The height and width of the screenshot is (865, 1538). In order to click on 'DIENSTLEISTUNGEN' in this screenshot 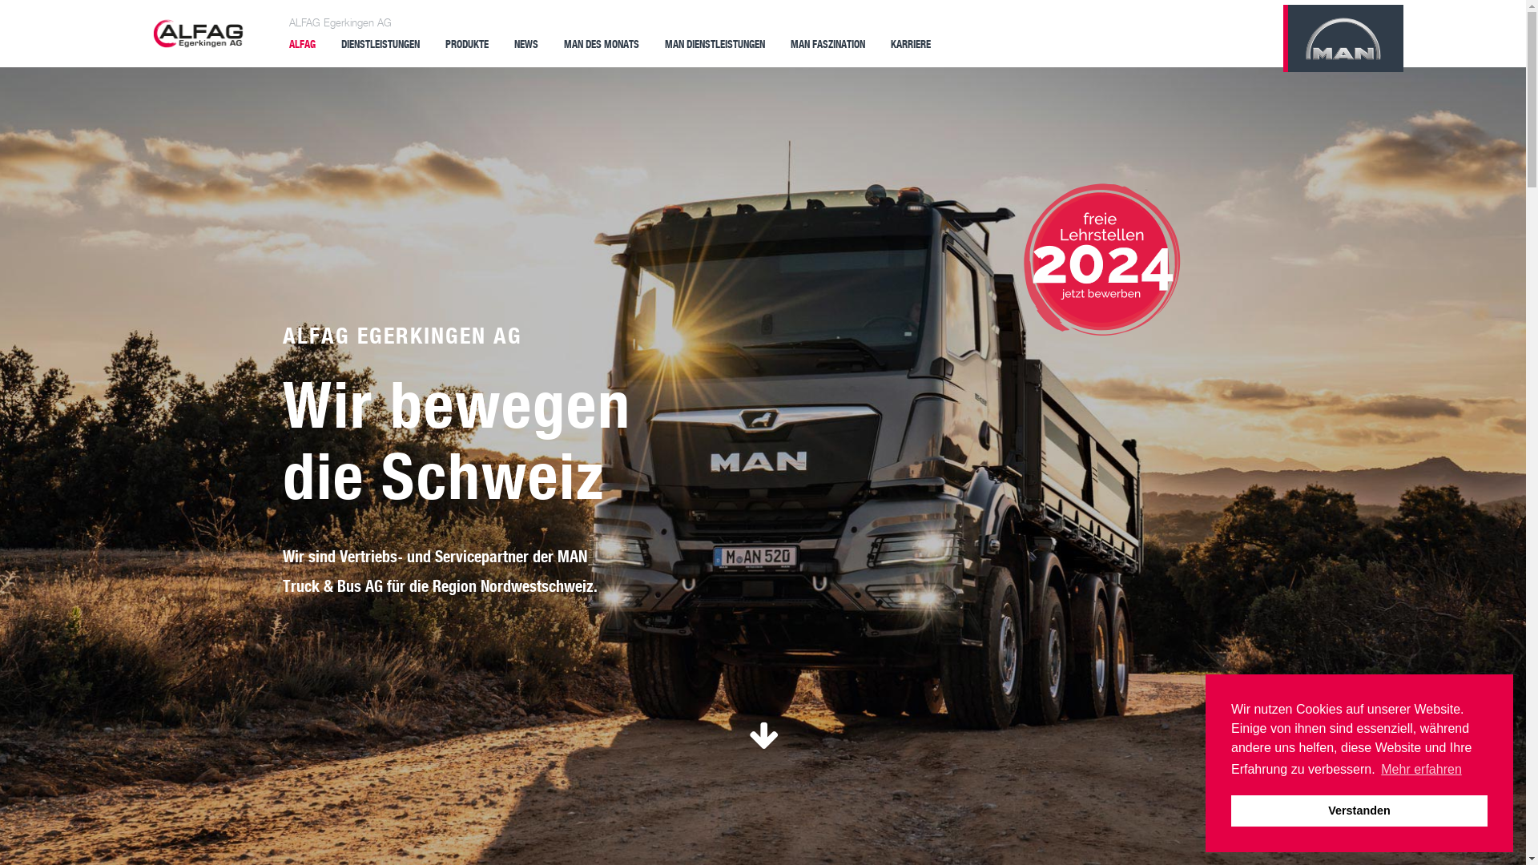, I will do `click(380, 42)`.